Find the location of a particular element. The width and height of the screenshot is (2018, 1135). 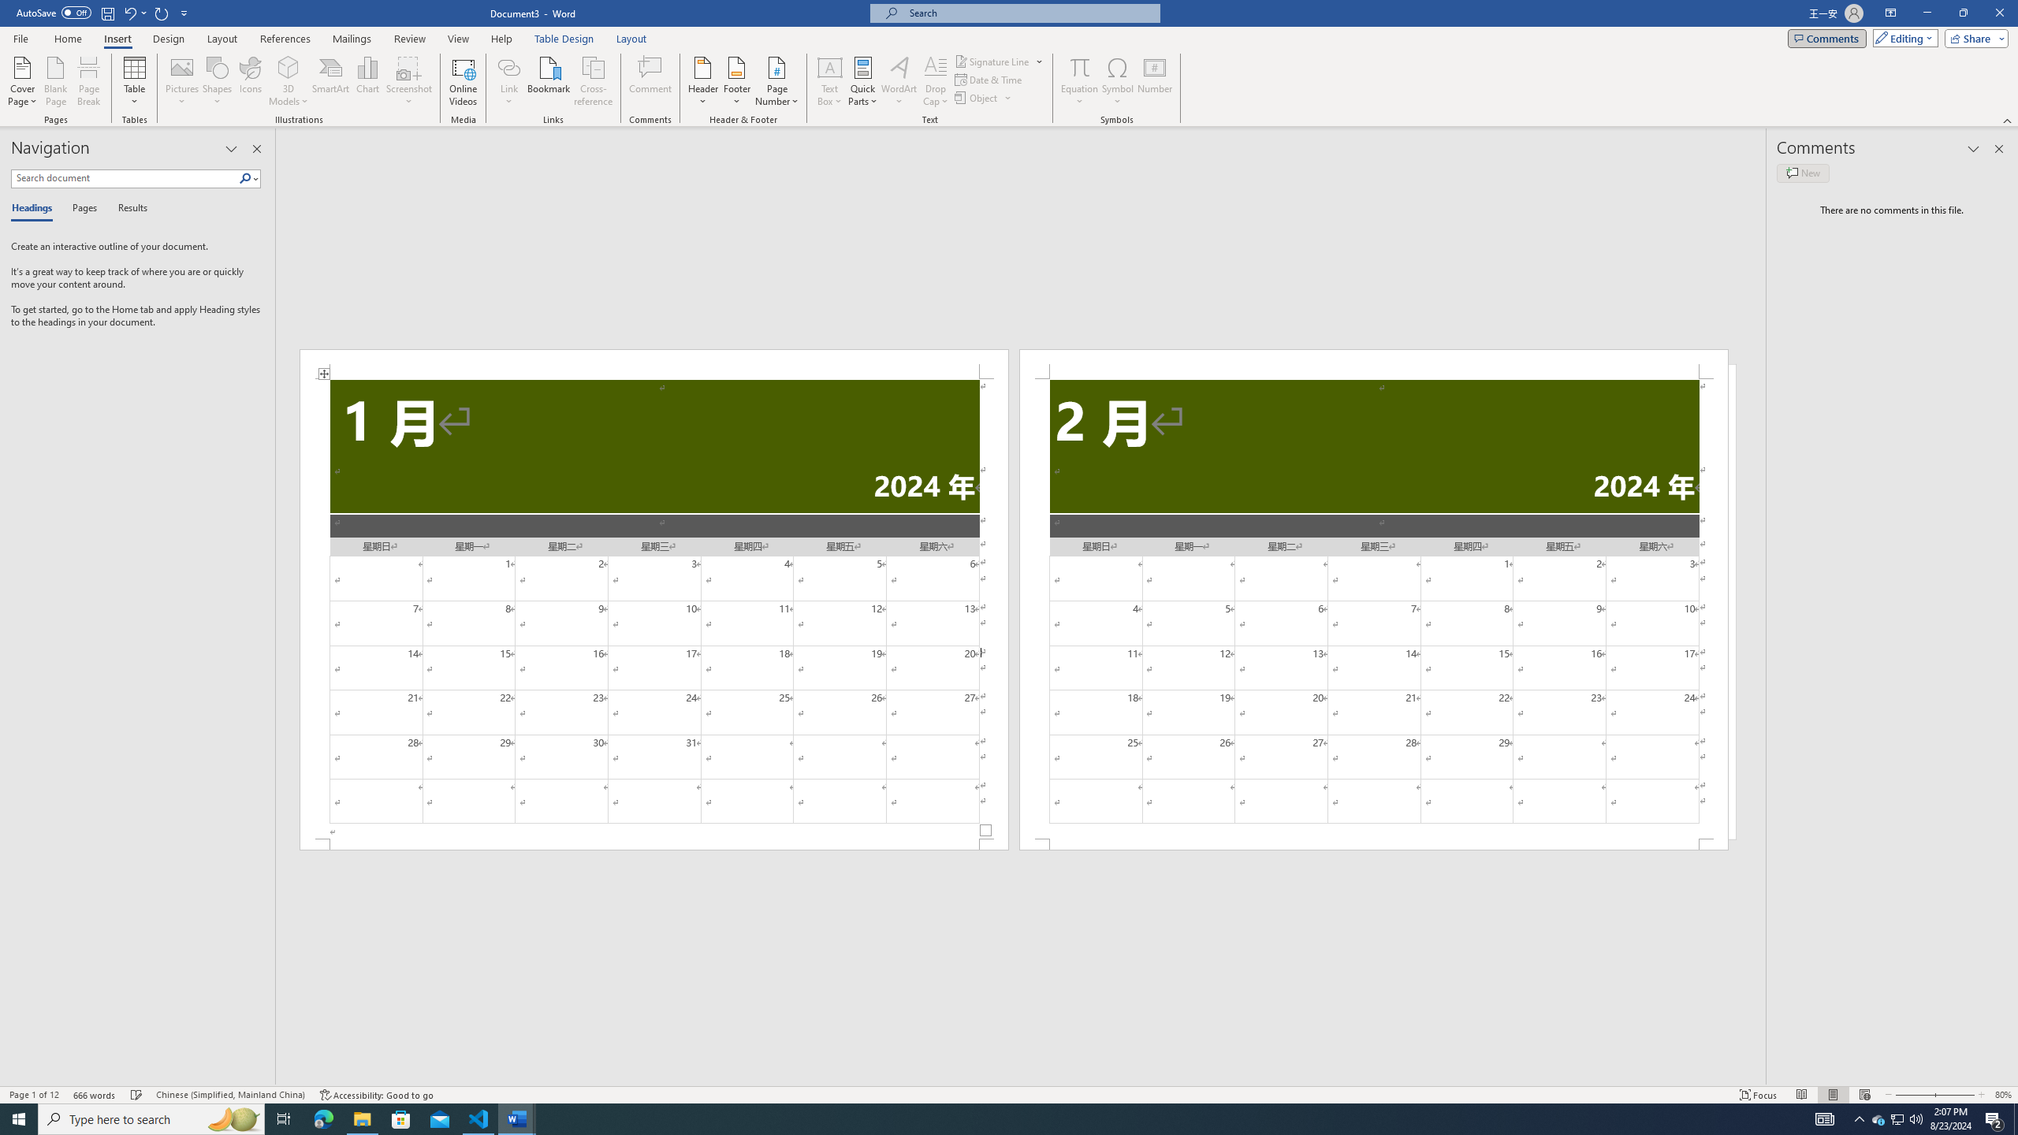

'Word Count 666 words' is located at coordinates (95, 1095).